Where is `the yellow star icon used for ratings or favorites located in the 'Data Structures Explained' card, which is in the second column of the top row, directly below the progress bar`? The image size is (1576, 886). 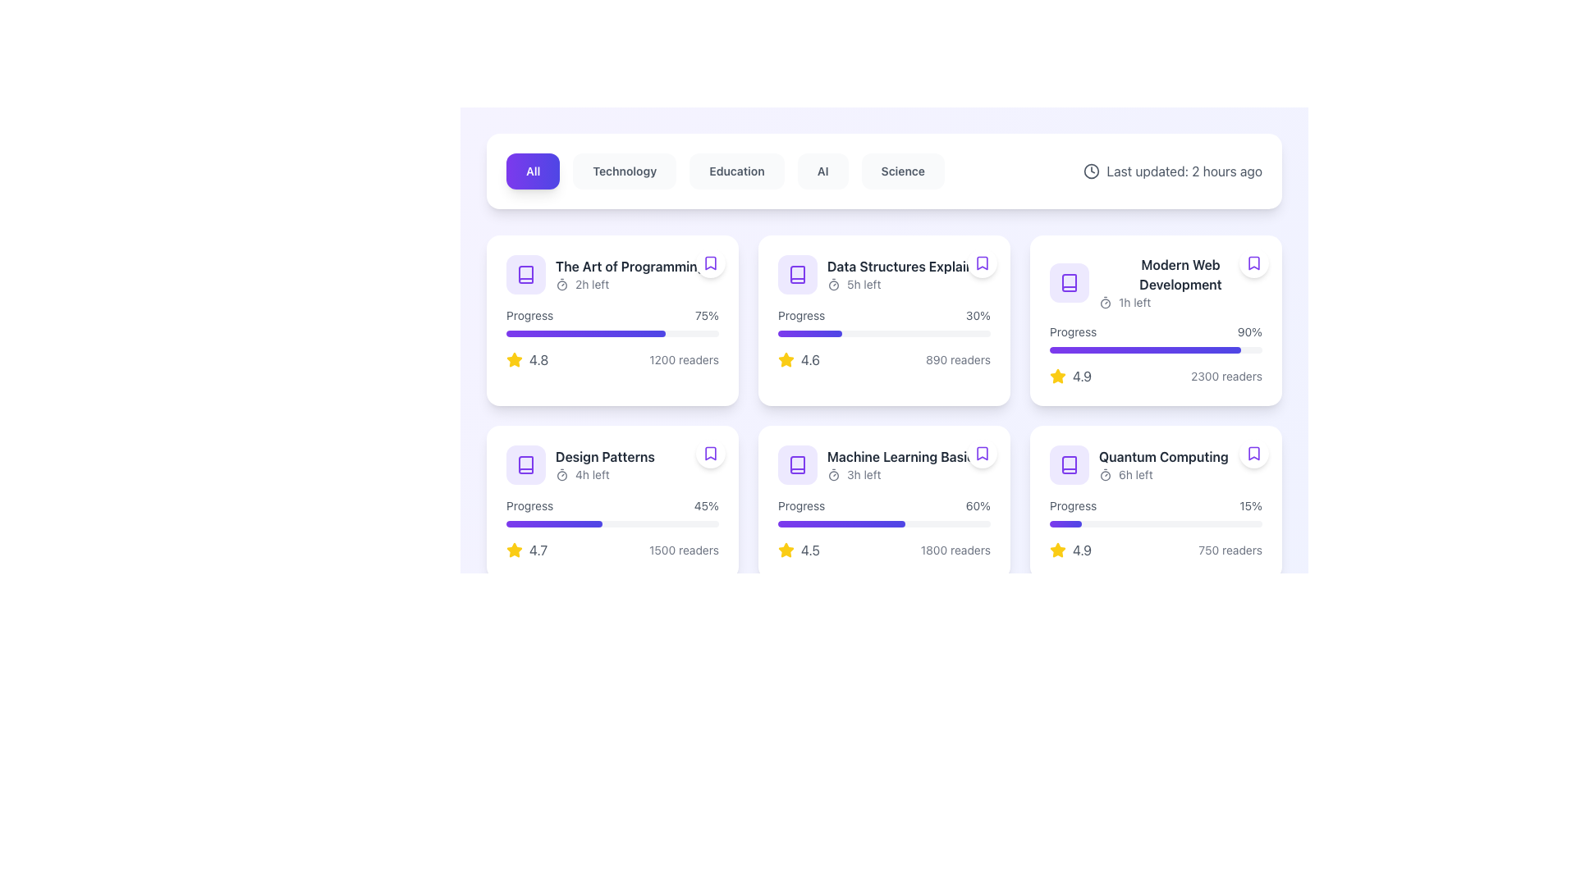
the yellow star icon used for ratings or favorites located in the 'Data Structures Explained' card, which is in the second column of the top row, directly below the progress bar is located at coordinates (786, 359).